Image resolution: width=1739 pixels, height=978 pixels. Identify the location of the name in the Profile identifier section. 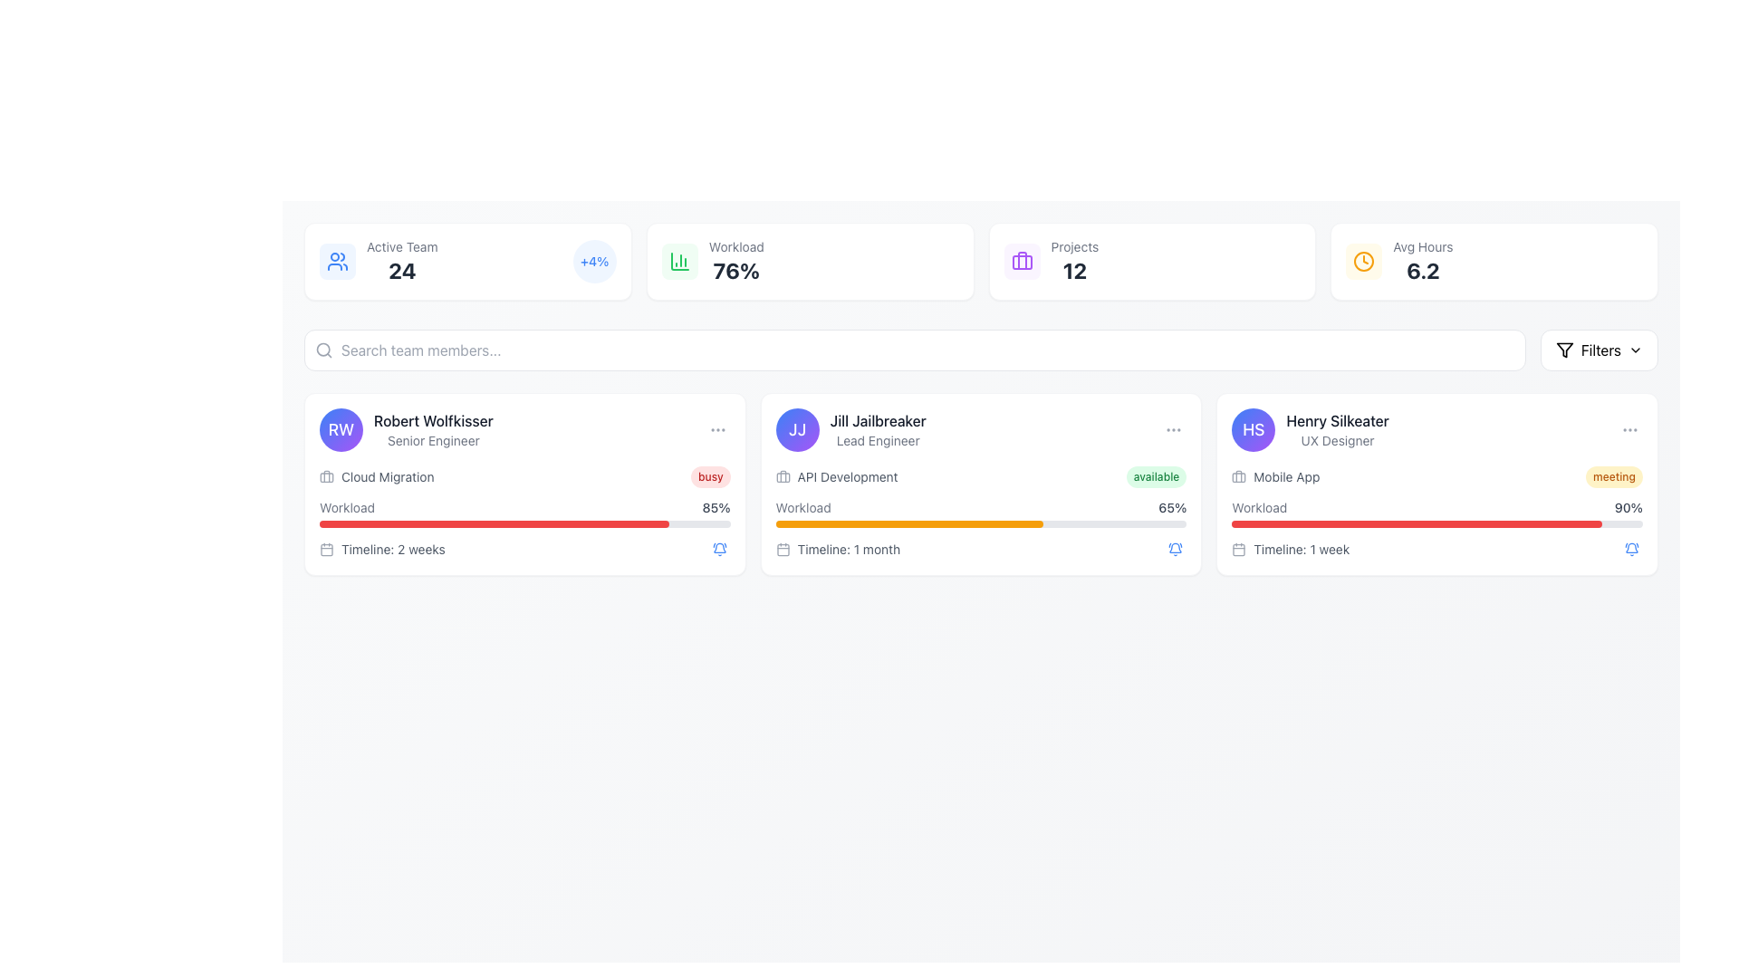
(850, 429).